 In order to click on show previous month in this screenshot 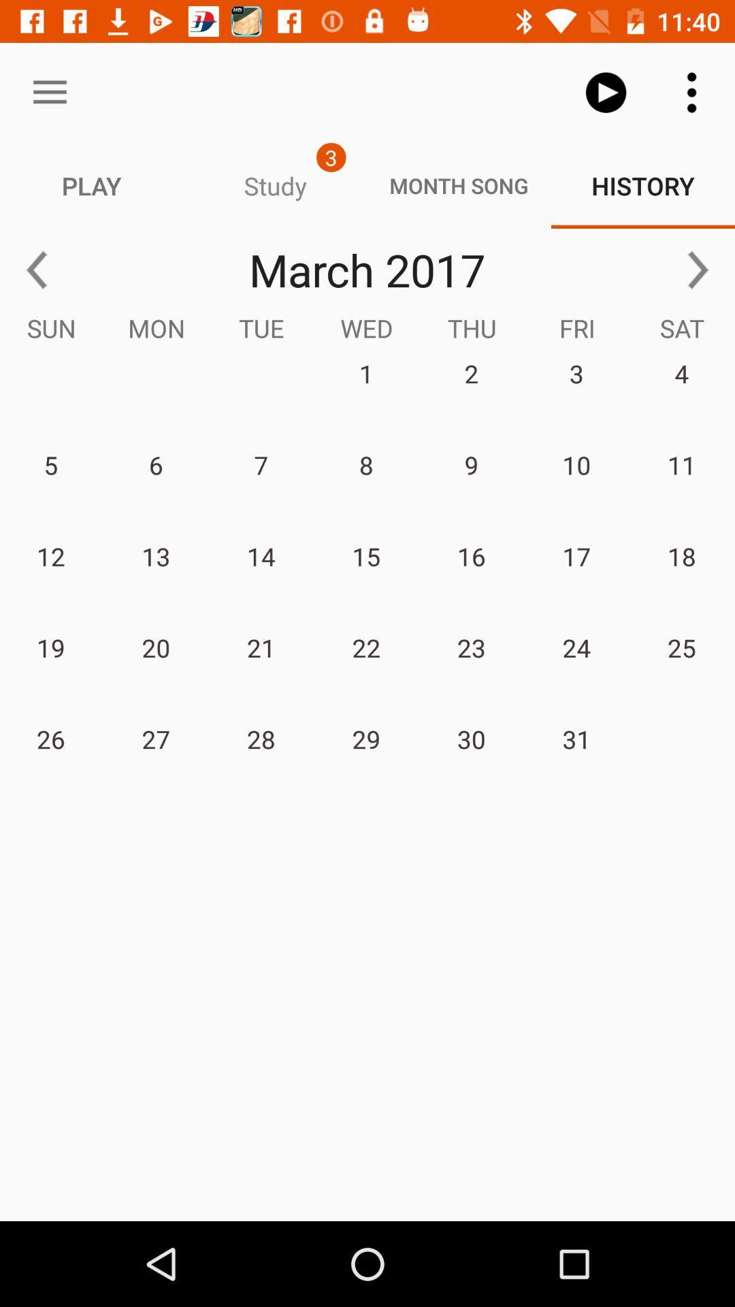, I will do `click(36, 270)`.